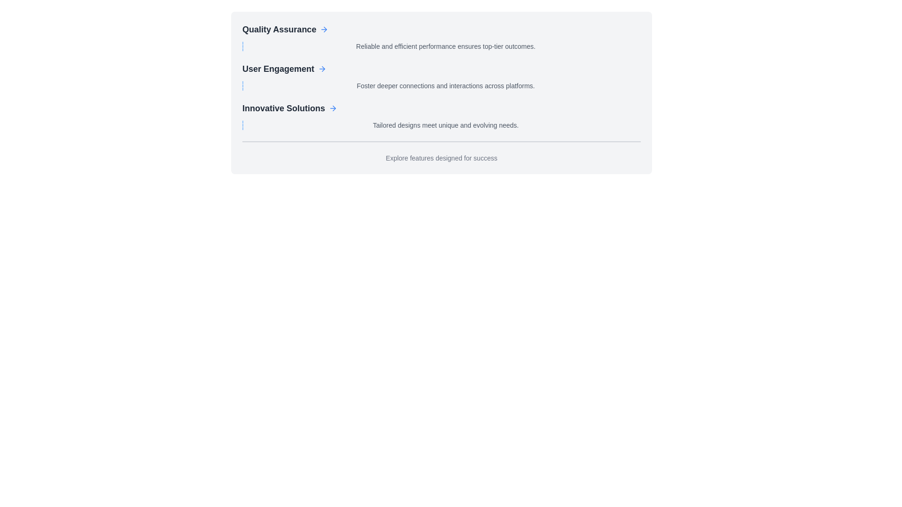 This screenshot has height=507, width=902. What do you see at coordinates (283, 108) in the screenshot?
I see `the text label element displaying 'Innovative Solutions', which is the third item in a vertical list and features a right arrow icon for navigation` at bounding box center [283, 108].